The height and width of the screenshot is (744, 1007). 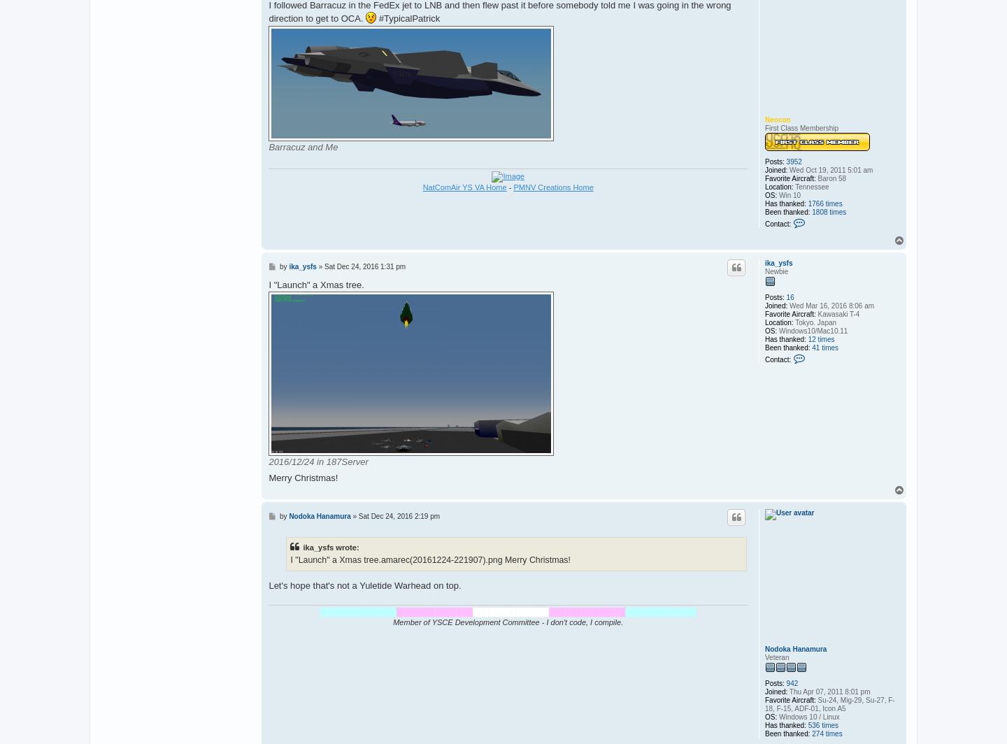 What do you see at coordinates (508, 186) in the screenshot?
I see `'-'` at bounding box center [508, 186].